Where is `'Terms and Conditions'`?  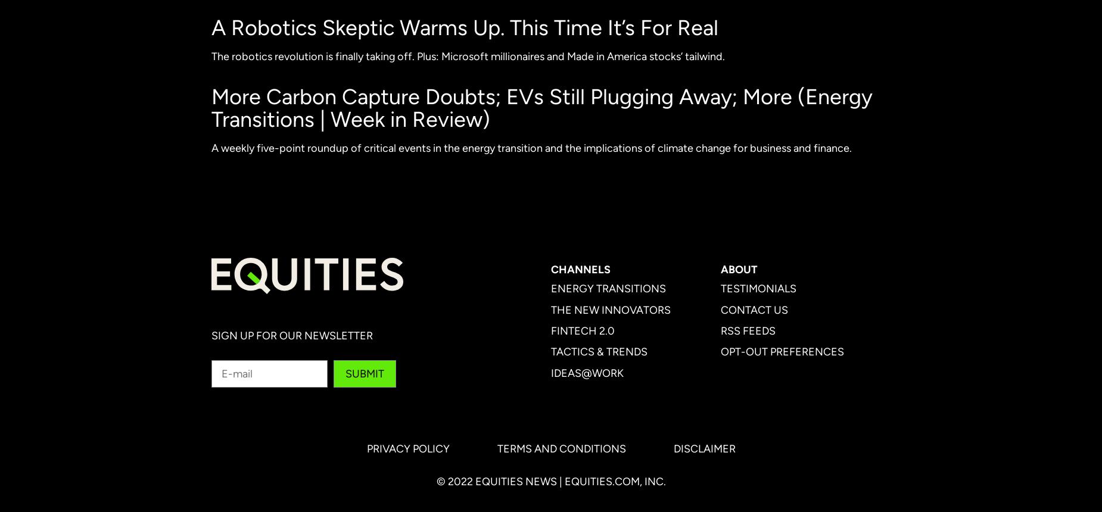 'Terms and Conditions' is located at coordinates (561, 448).